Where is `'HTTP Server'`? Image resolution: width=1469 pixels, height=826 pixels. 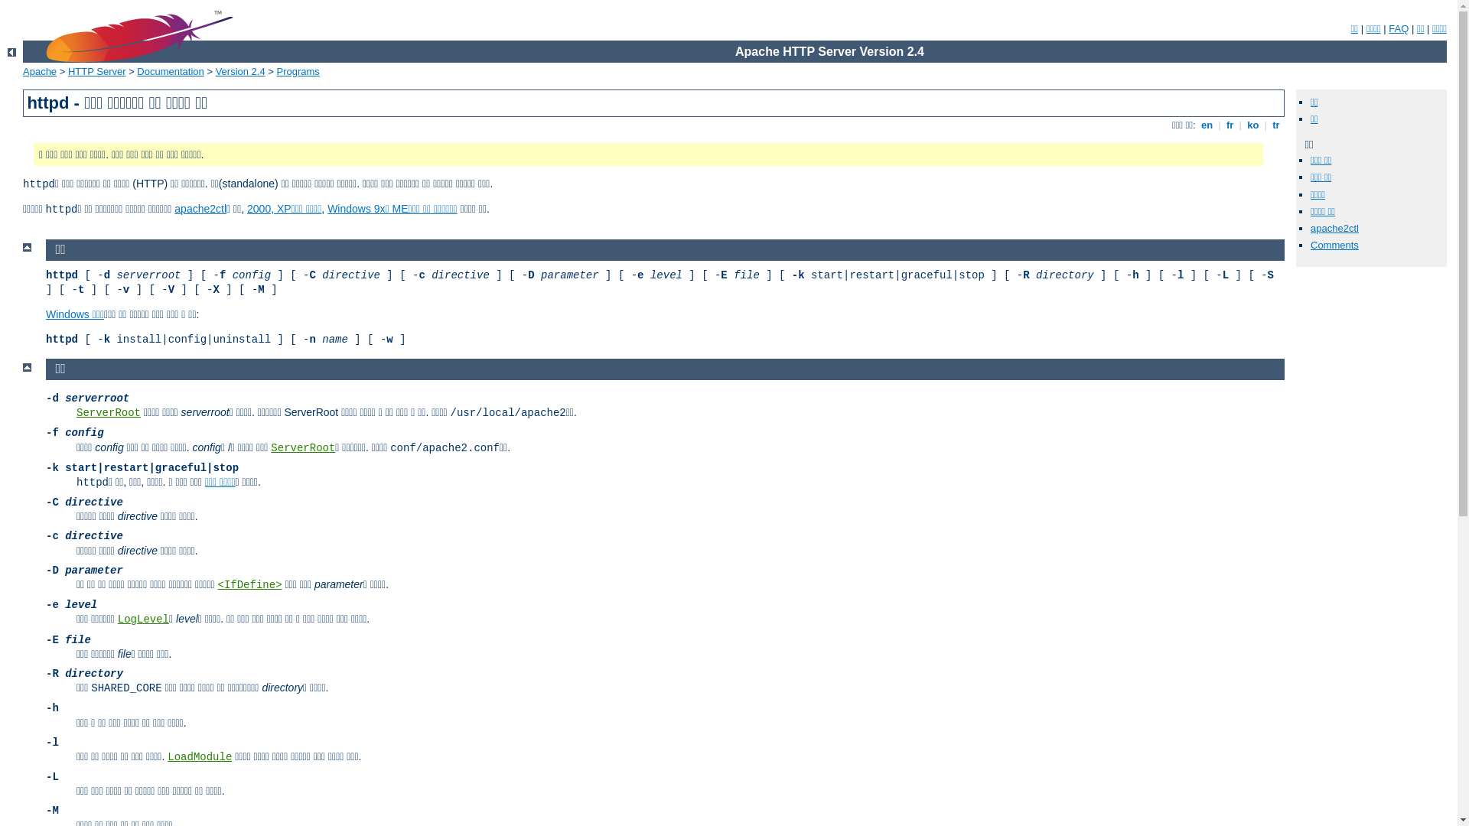
'HTTP Server' is located at coordinates (96, 71).